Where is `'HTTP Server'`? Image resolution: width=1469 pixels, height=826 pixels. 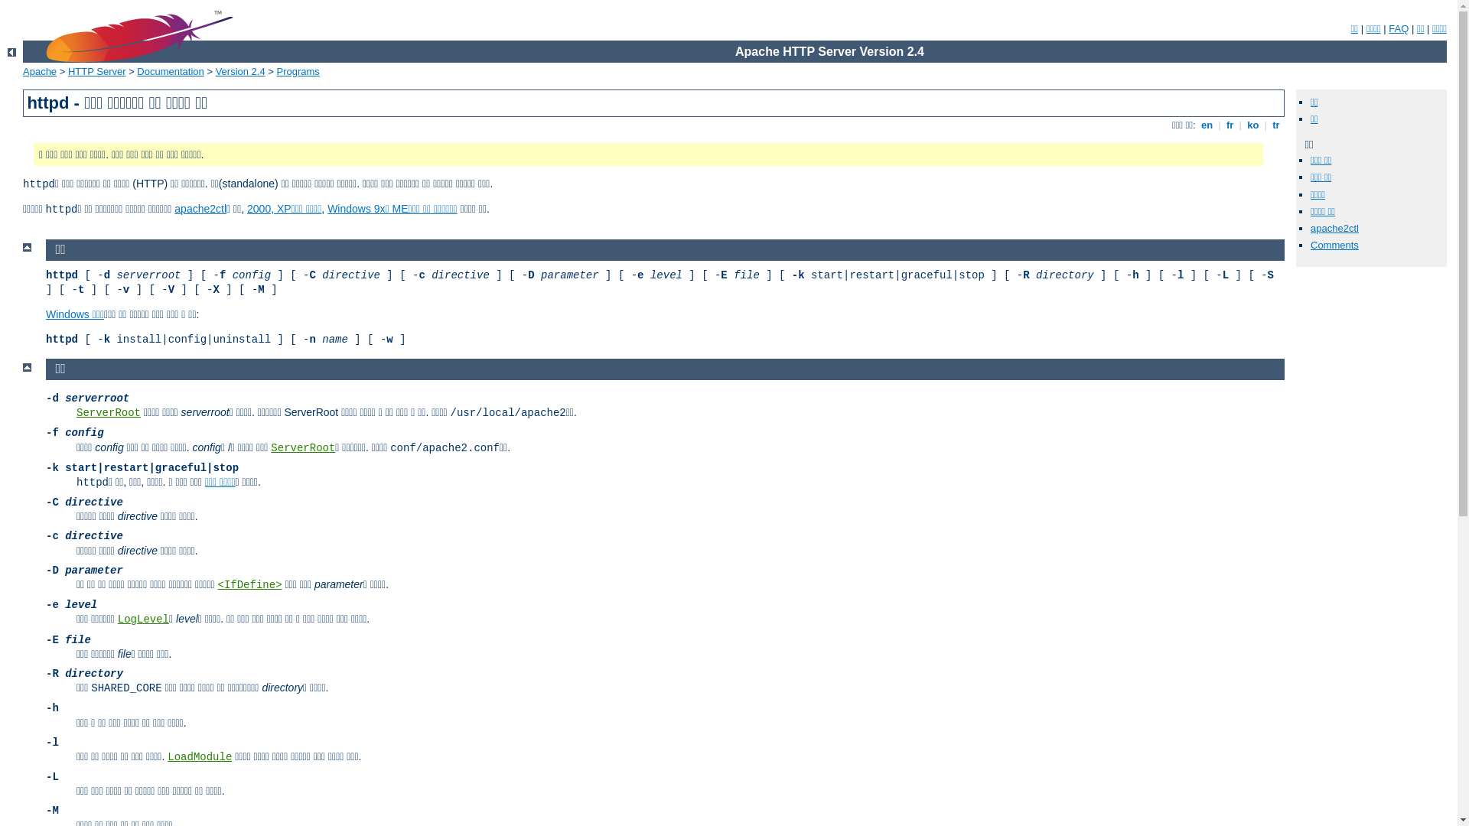
'HTTP Server' is located at coordinates (96, 71).